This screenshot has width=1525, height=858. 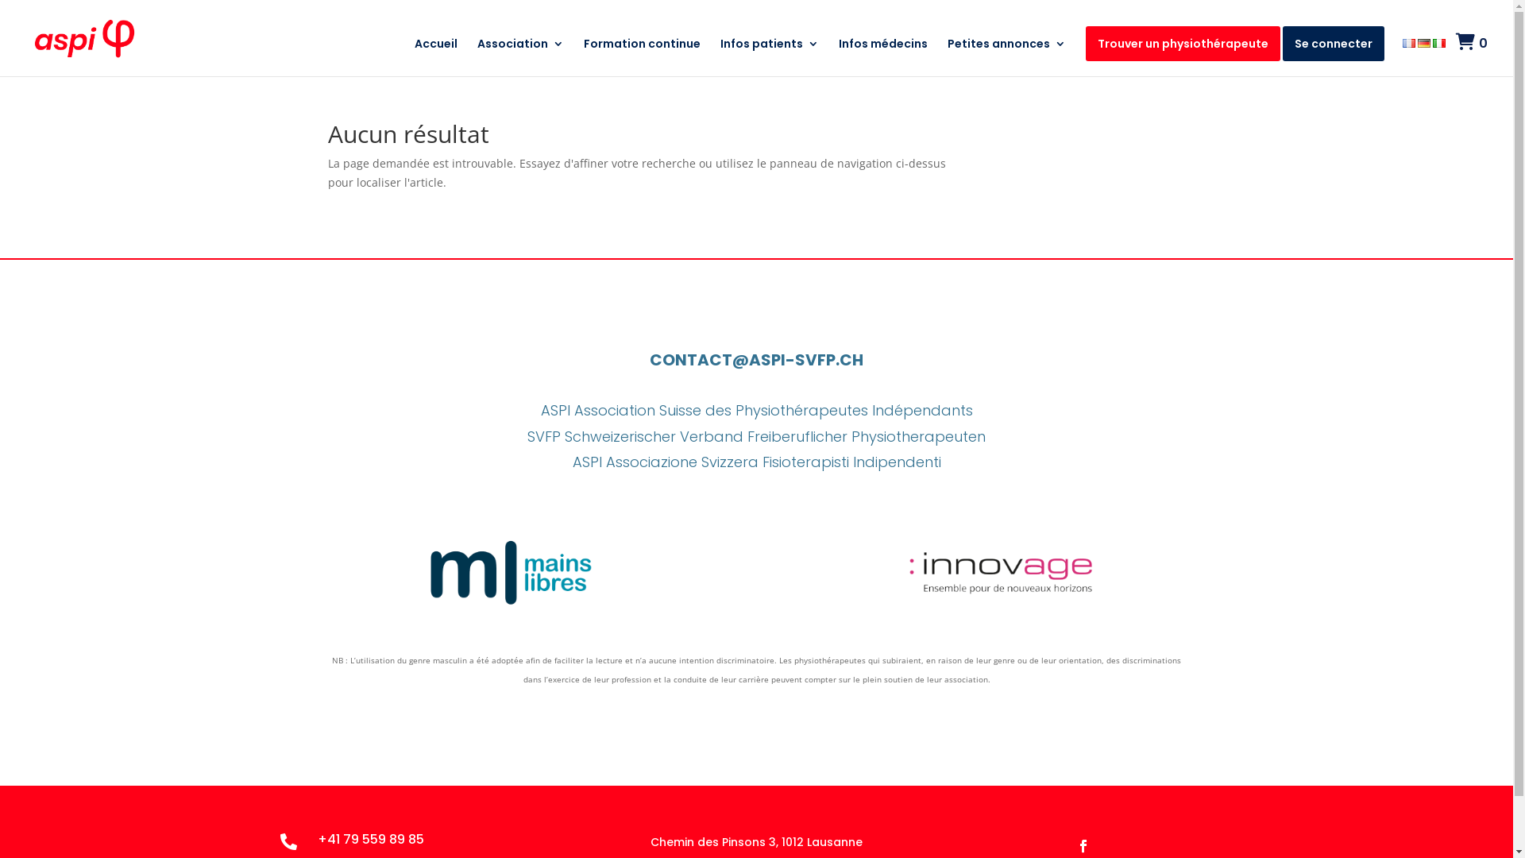 I want to click on 'CONTACT@ASPI-SVFP.CH', so click(x=755, y=359).